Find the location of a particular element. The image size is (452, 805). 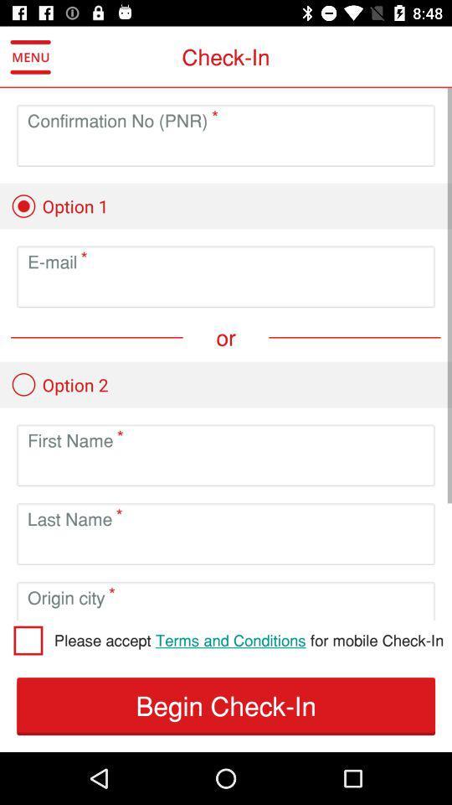

option2 is located at coordinates (59, 384).